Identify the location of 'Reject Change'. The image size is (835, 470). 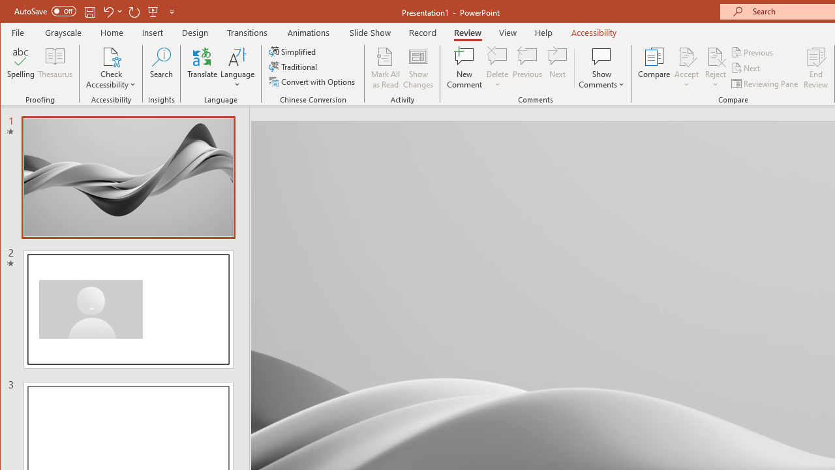
(714, 55).